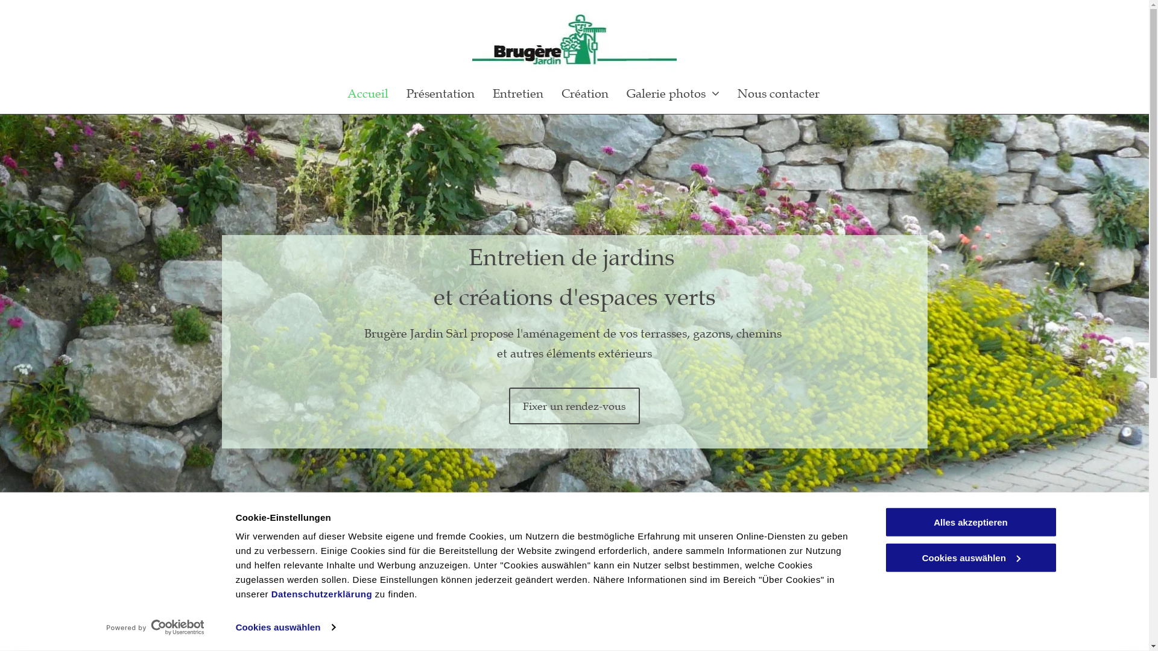 Image resolution: width=1158 pixels, height=651 pixels. I want to click on 'Galerie photos', so click(672, 92).